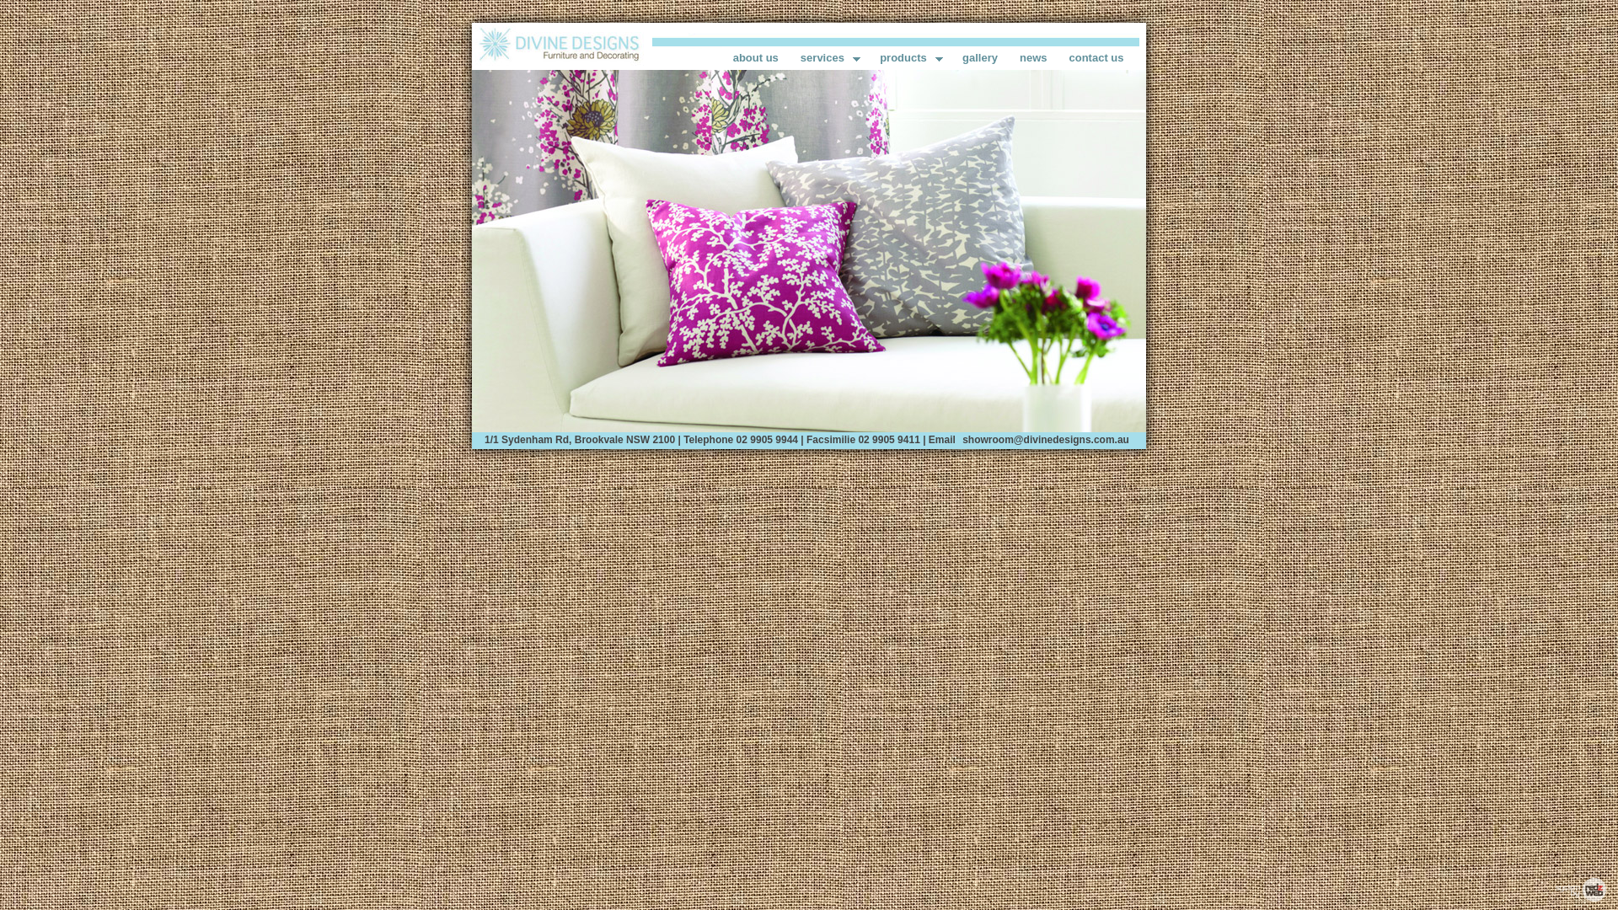 The height and width of the screenshot is (910, 1618). I want to click on 'services', so click(828, 56).